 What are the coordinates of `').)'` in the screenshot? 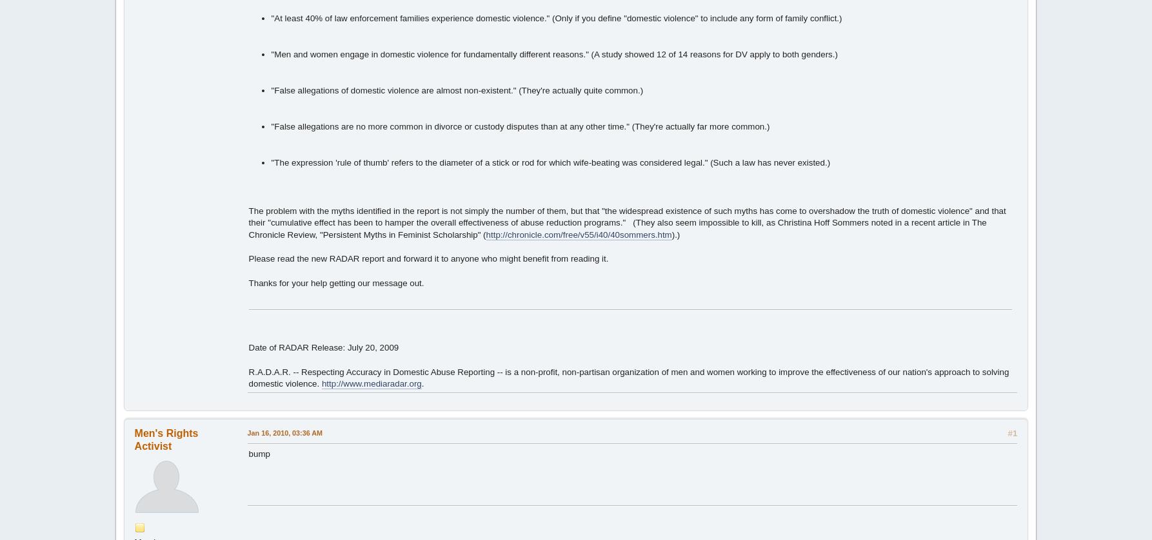 It's located at (675, 234).